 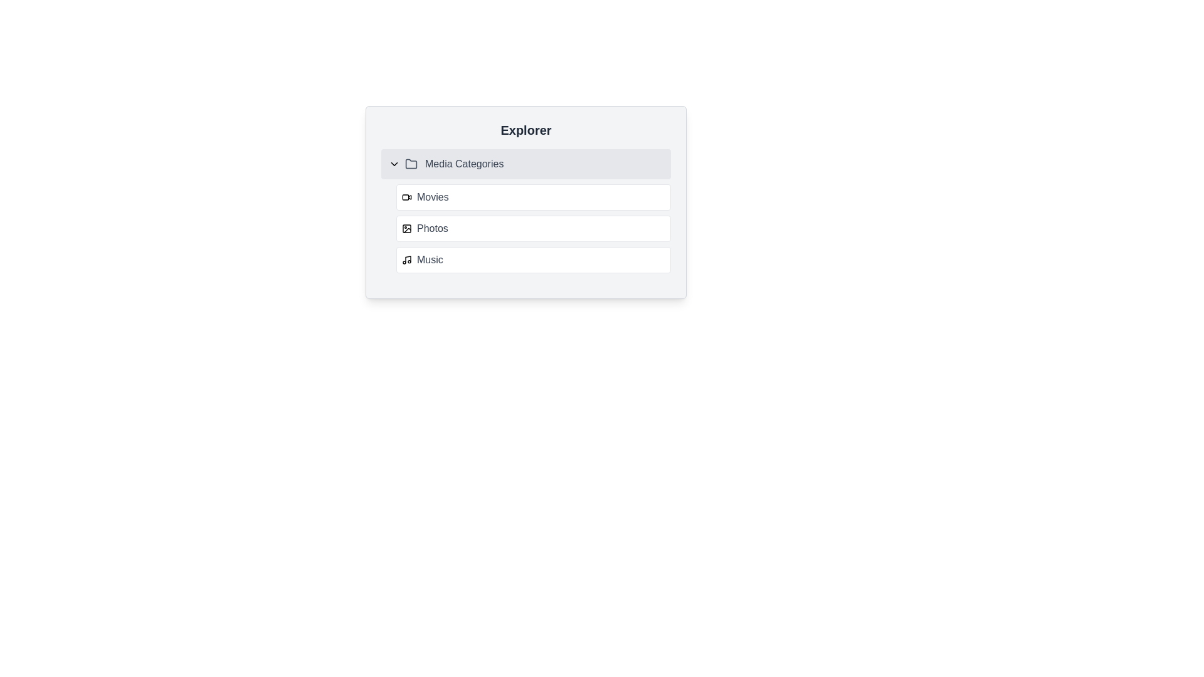 What do you see at coordinates (533, 197) in the screenshot?
I see `the navigation button for 'Movies' located in the 'Media Categories' section under 'Explorer' to trigger hover effects` at bounding box center [533, 197].